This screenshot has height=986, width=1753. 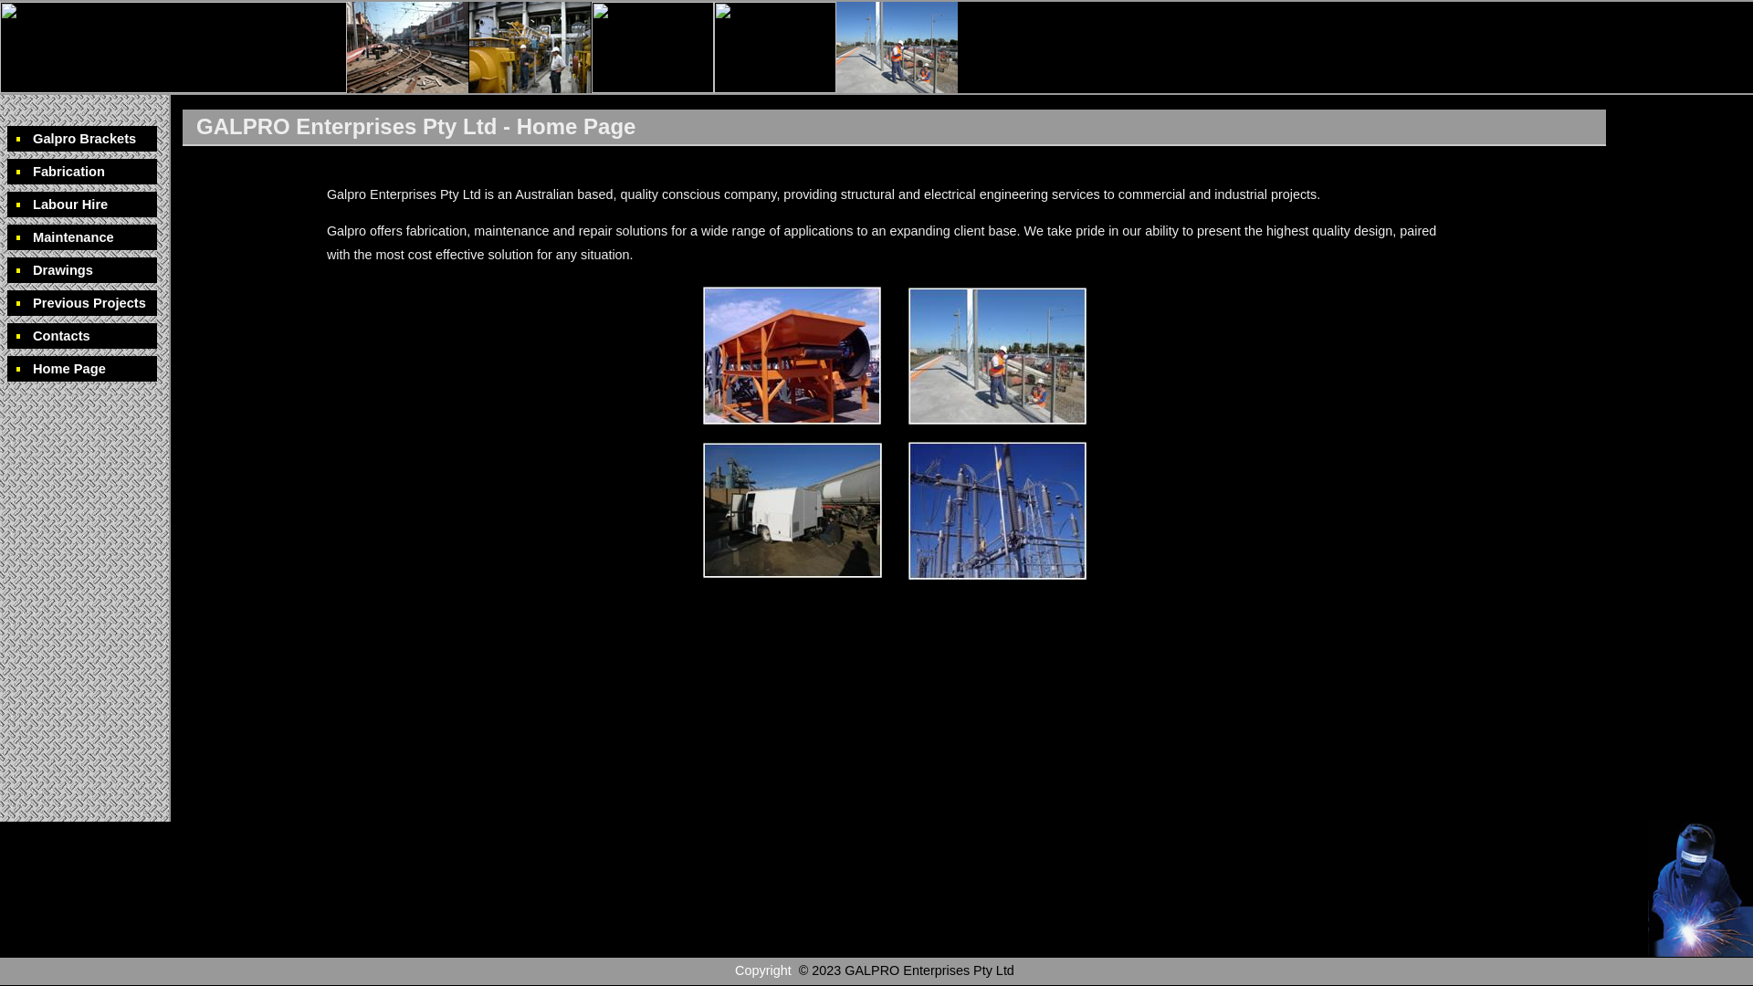 What do you see at coordinates (762, 970) in the screenshot?
I see `'Copyright'` at bounding box center [762, 970].